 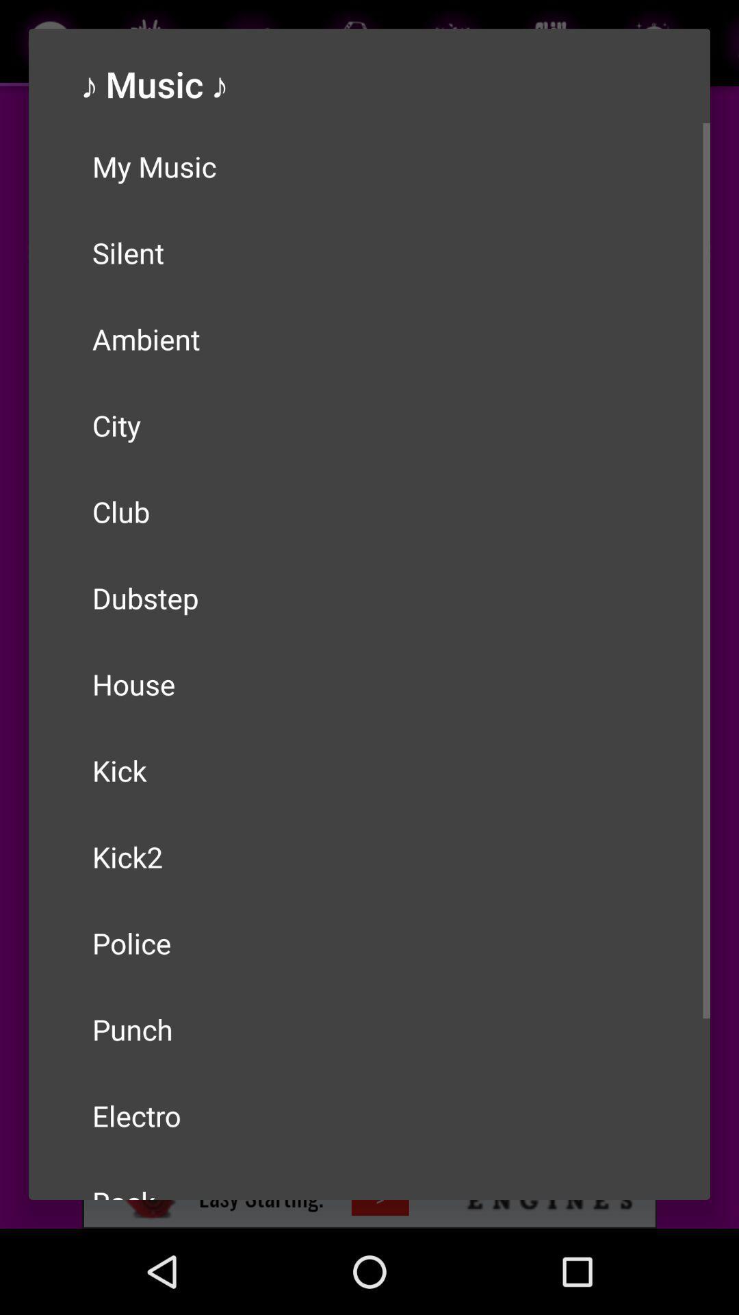 I want to click on the item below 		club icon, so click(x=369, y=598).